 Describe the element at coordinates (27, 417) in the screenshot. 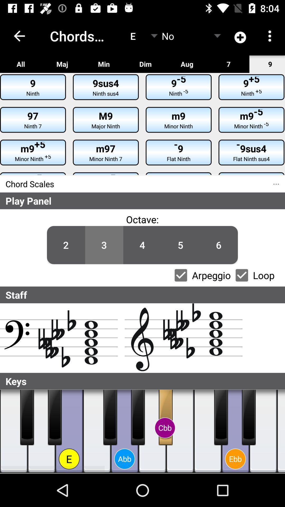

I see `plays the selected key` at that location.